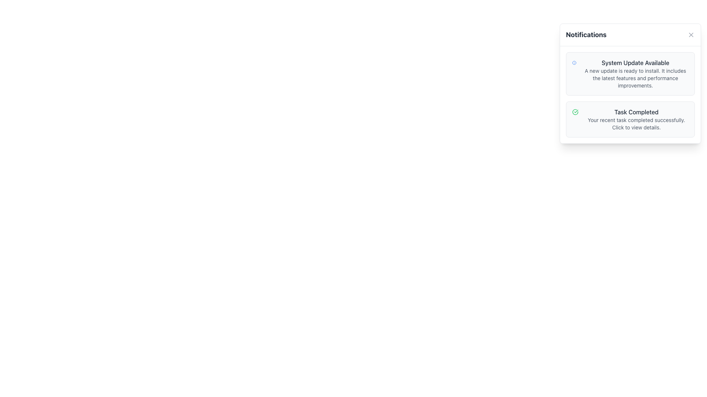 This screenshot has width=707, height=397. Describe the element at coordinates (636, 119) in the screenshot. I see `the notification message at the bottom of the notification panel` at that location.